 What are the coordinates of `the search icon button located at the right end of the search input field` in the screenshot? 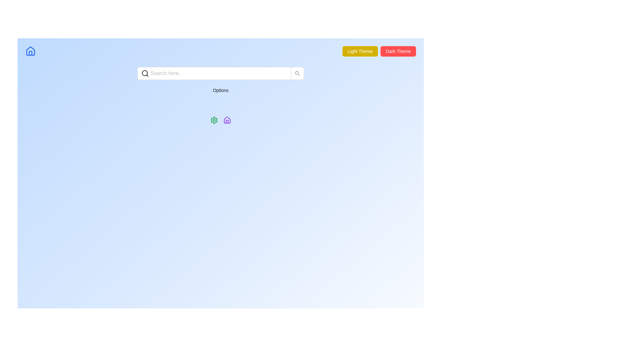 It's located at (297, 73).